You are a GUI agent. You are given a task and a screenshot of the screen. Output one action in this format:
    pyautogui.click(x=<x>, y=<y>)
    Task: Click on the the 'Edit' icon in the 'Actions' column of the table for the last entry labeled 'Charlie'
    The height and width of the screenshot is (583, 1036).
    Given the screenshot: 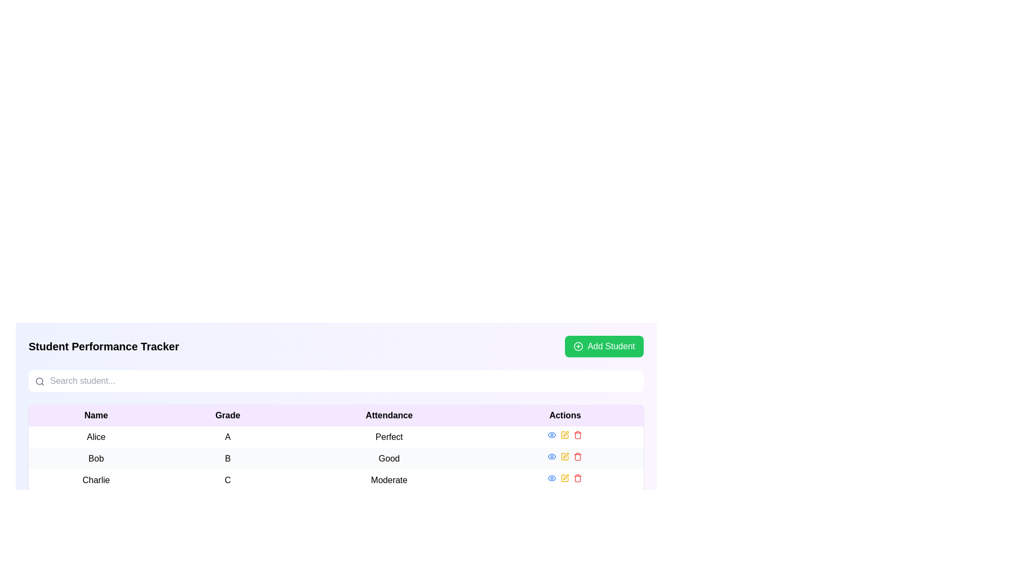 What is the action you would take?
    pyautogui.click(x=564, y=478)
    